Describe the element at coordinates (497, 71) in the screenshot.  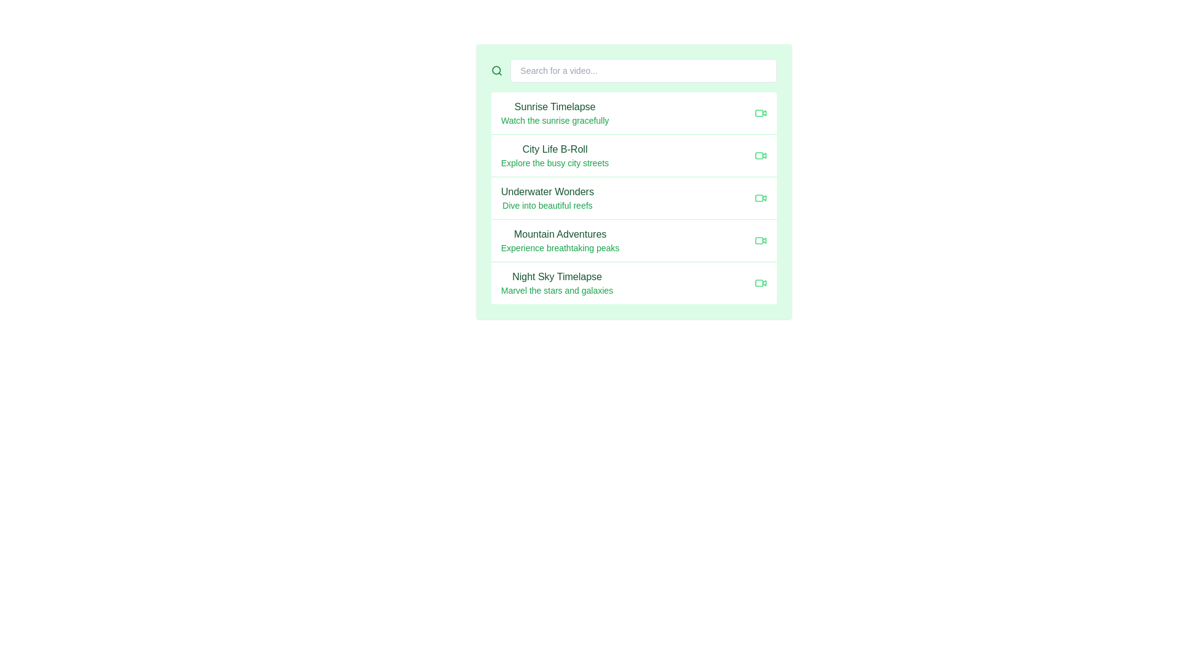
I see `the green magnifying glass-shaped icon representing search action, located at the far left of the search functionality section` at that location.